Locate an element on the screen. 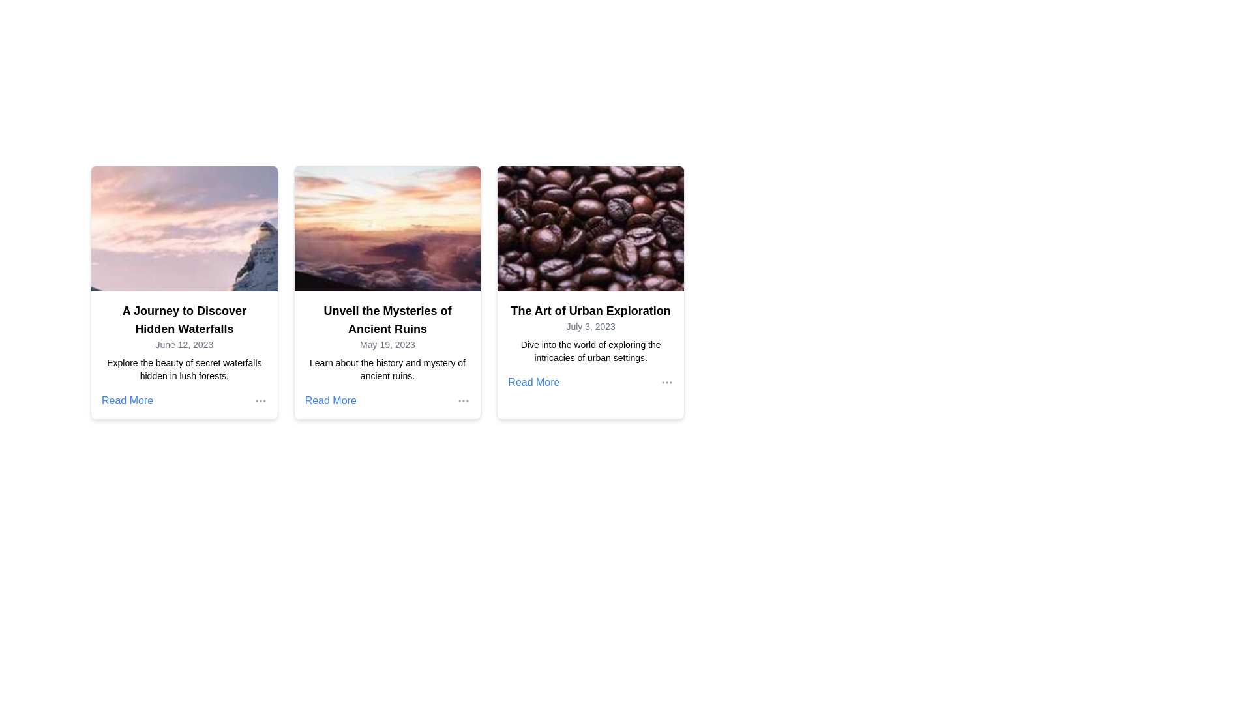 This screenshot has width=1252, height=704. the text label displaying 'June 12, 2023', which is styled in a small, light gray font and is positioned beneath the title of an information card is located at coordinates (183, 344).